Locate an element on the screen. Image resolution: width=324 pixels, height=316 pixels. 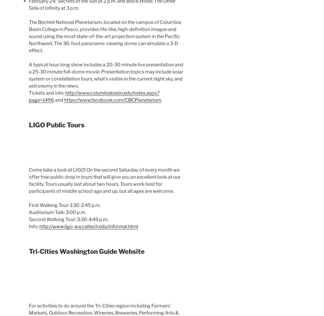
'Tri-Cities Washington Guide Website' is located at coordinates (86, 251).